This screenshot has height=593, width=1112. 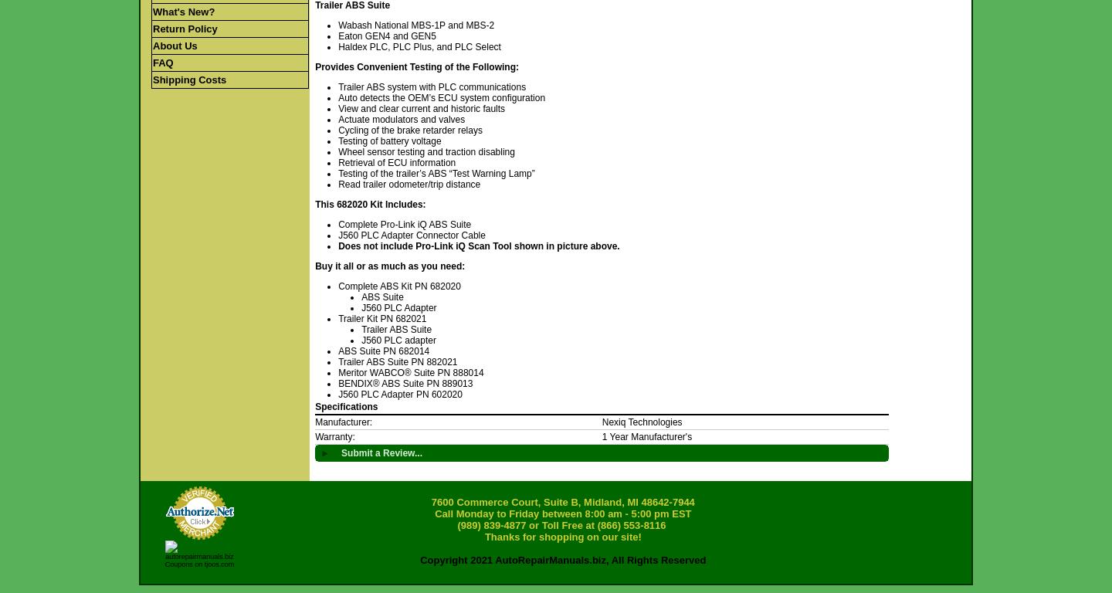 I want to click on 'Trailer ABS Suite', so click(x=395, y=329).